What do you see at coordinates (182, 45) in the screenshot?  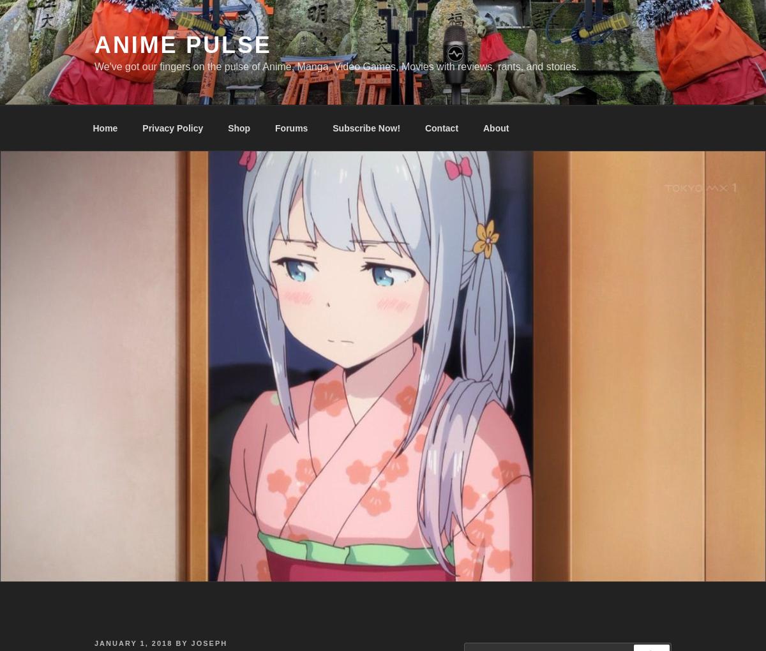 I see `'Anime Pulse'` at bounding box center [182, 45].